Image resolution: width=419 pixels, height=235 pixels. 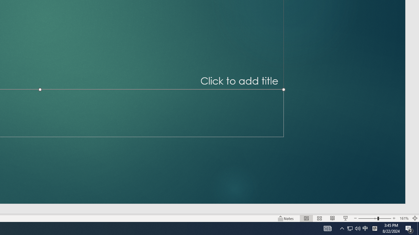 I want to click on 'Slide Sorter', so click(x=319, y=218).